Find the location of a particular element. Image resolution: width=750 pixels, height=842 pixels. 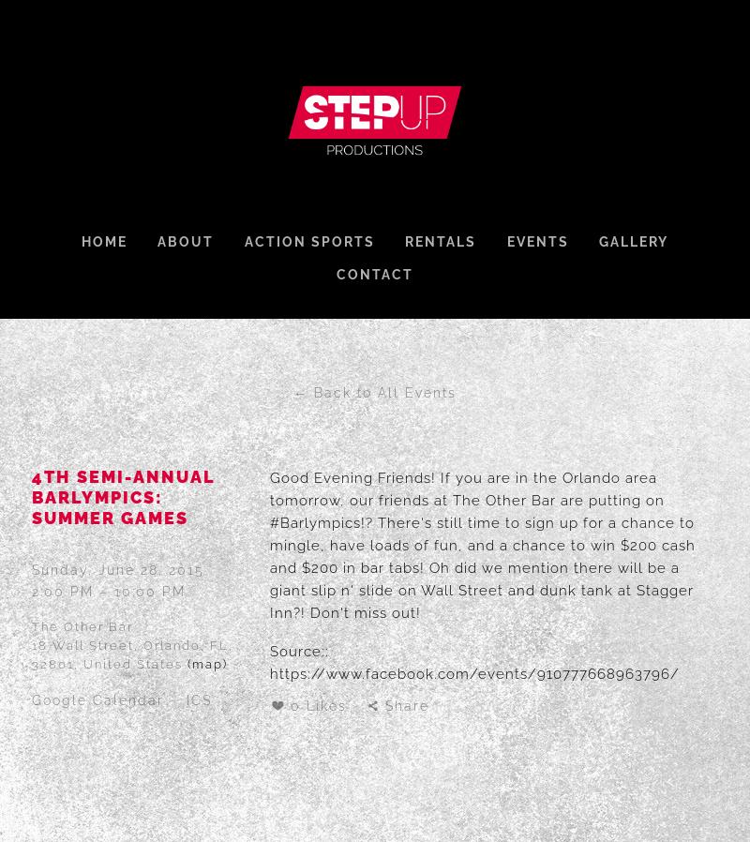

'0 Likes' is located at coordinates (317, 704).